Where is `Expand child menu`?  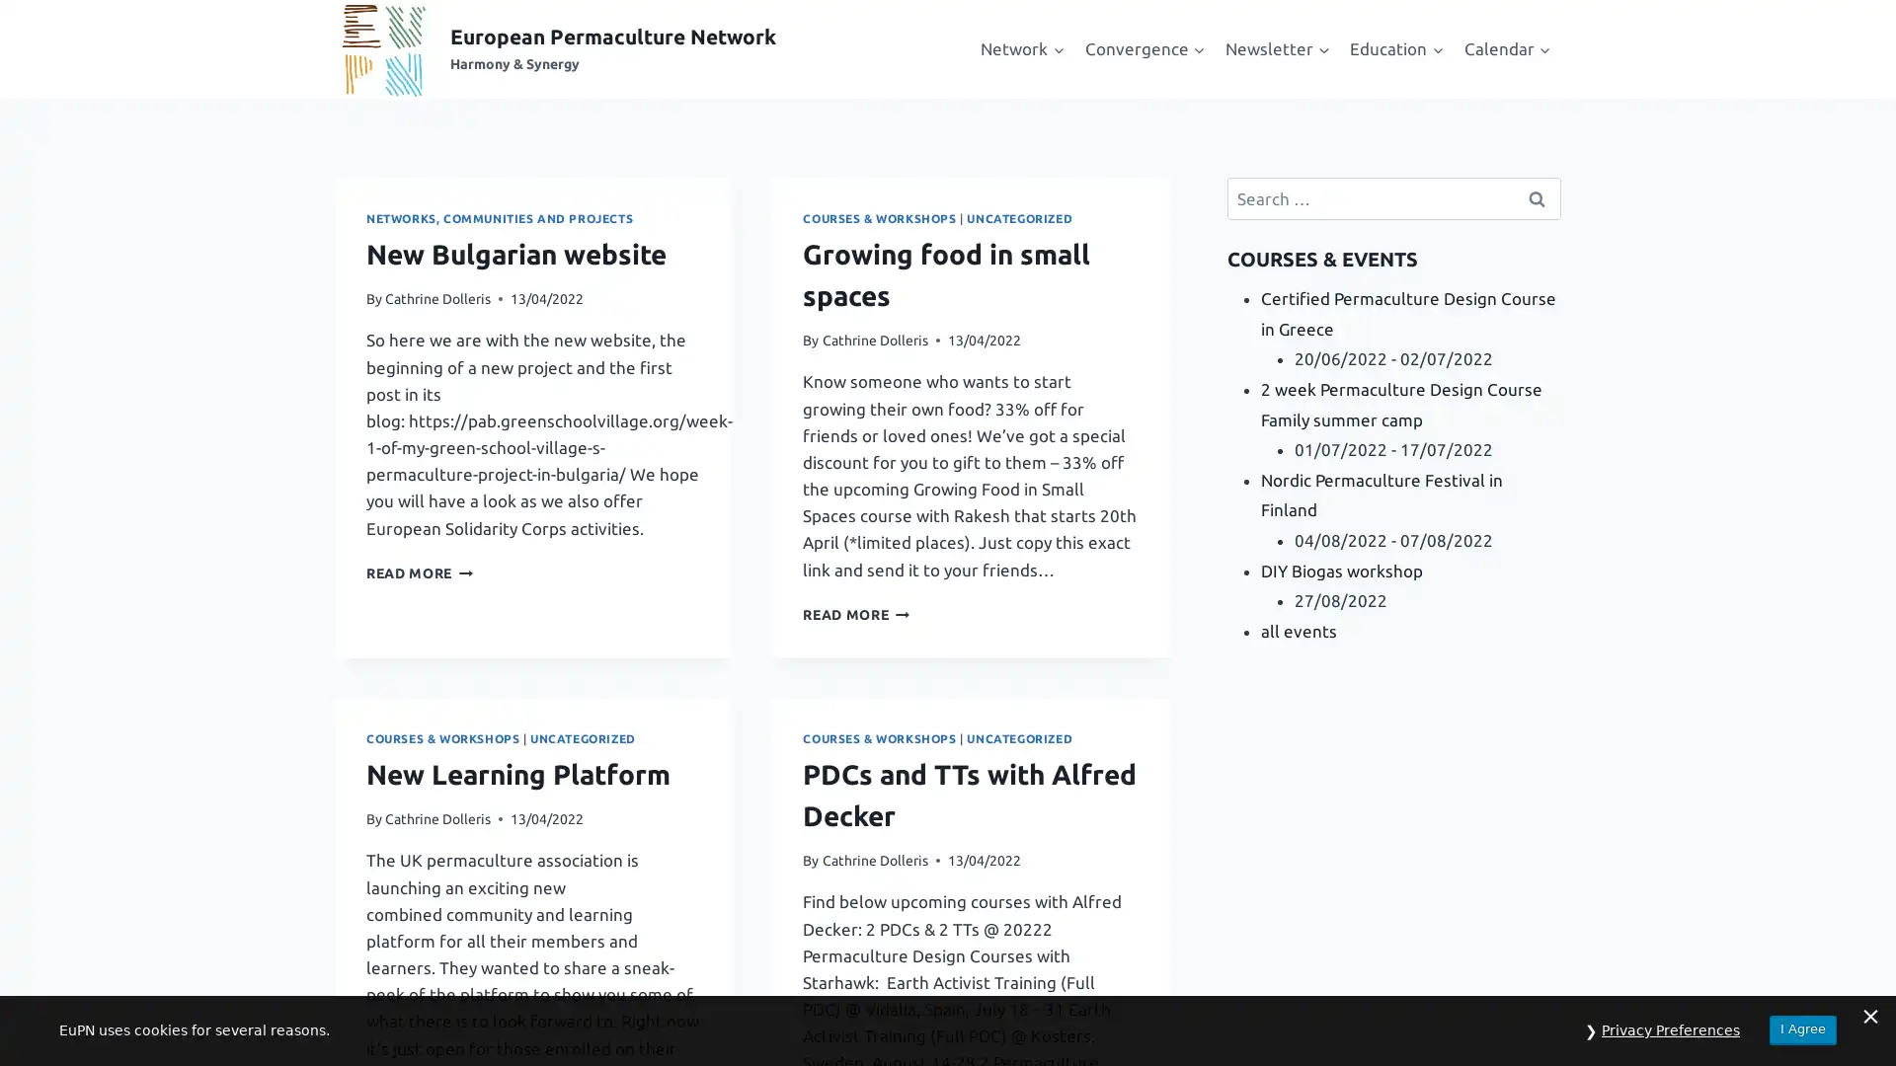
Expand child menu is located at coordinates (1395, 47).